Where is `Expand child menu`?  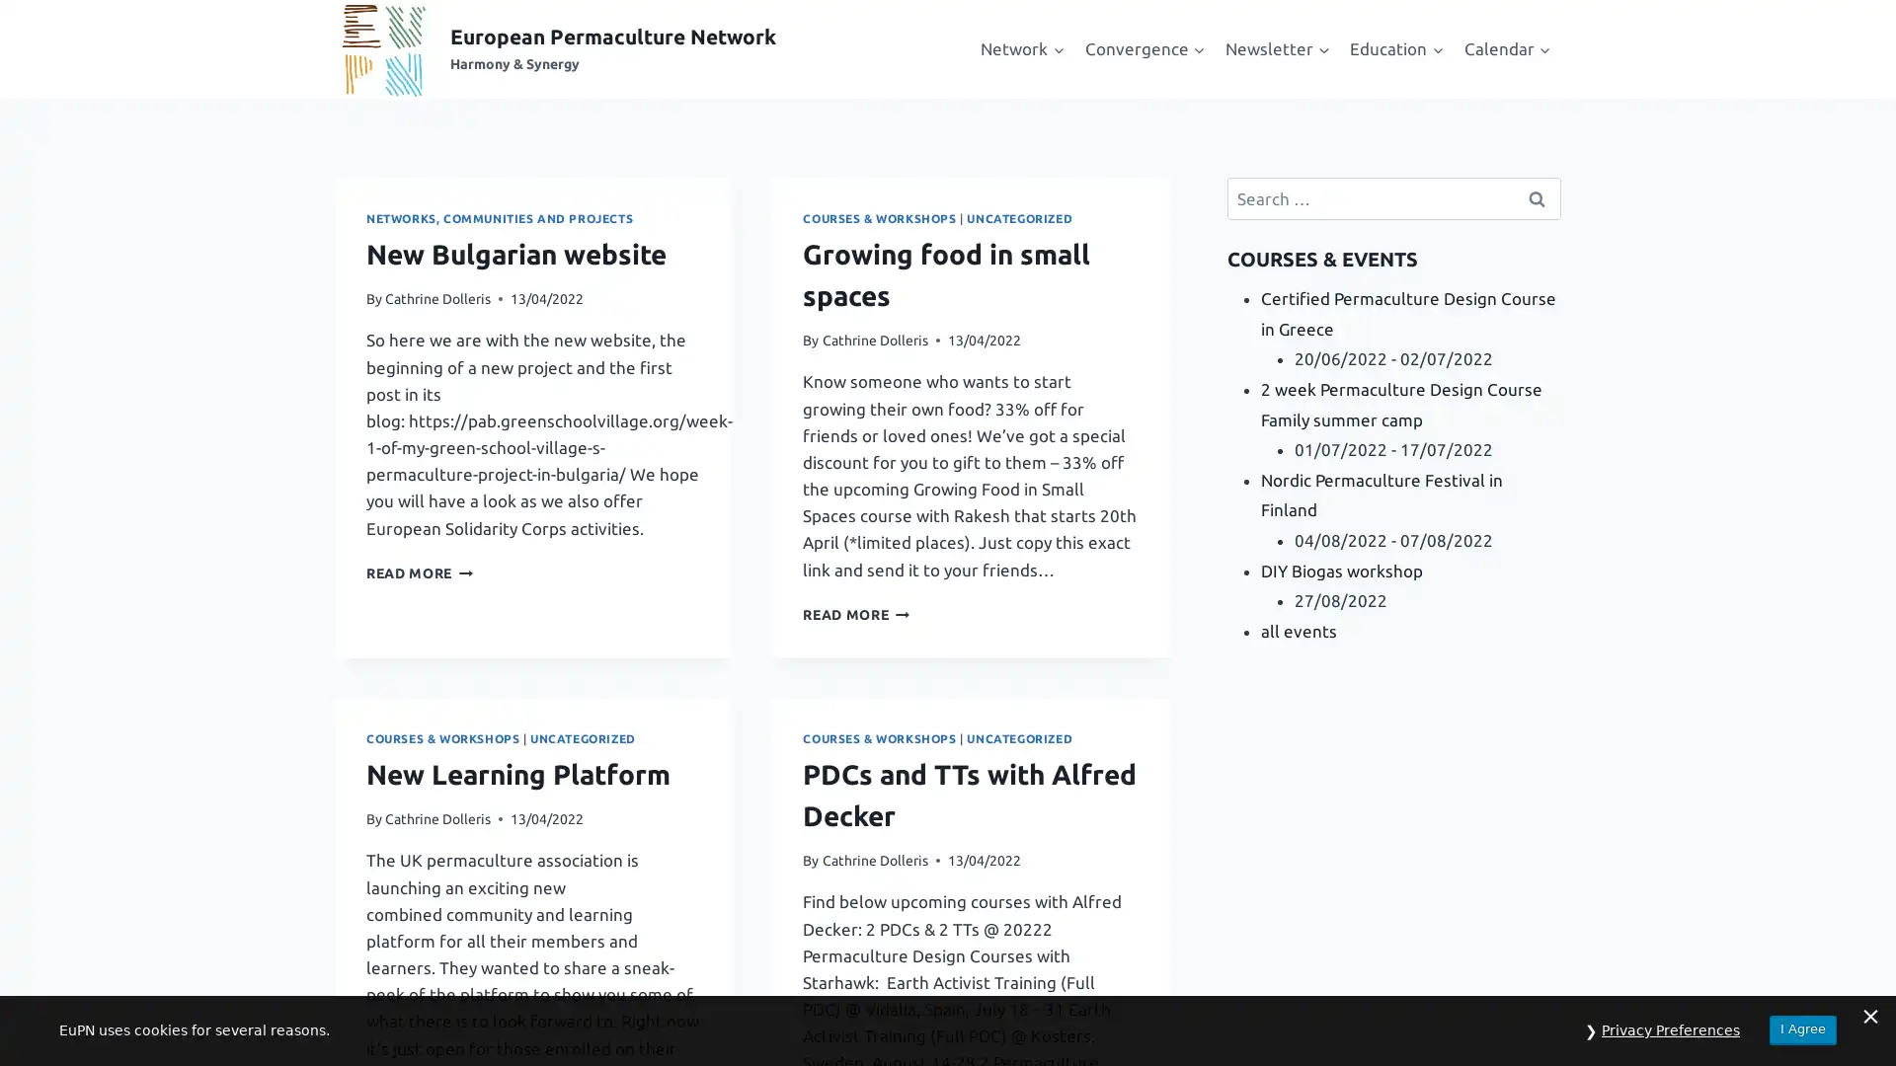
Expand child menu is located at coordinates (1395, 47).